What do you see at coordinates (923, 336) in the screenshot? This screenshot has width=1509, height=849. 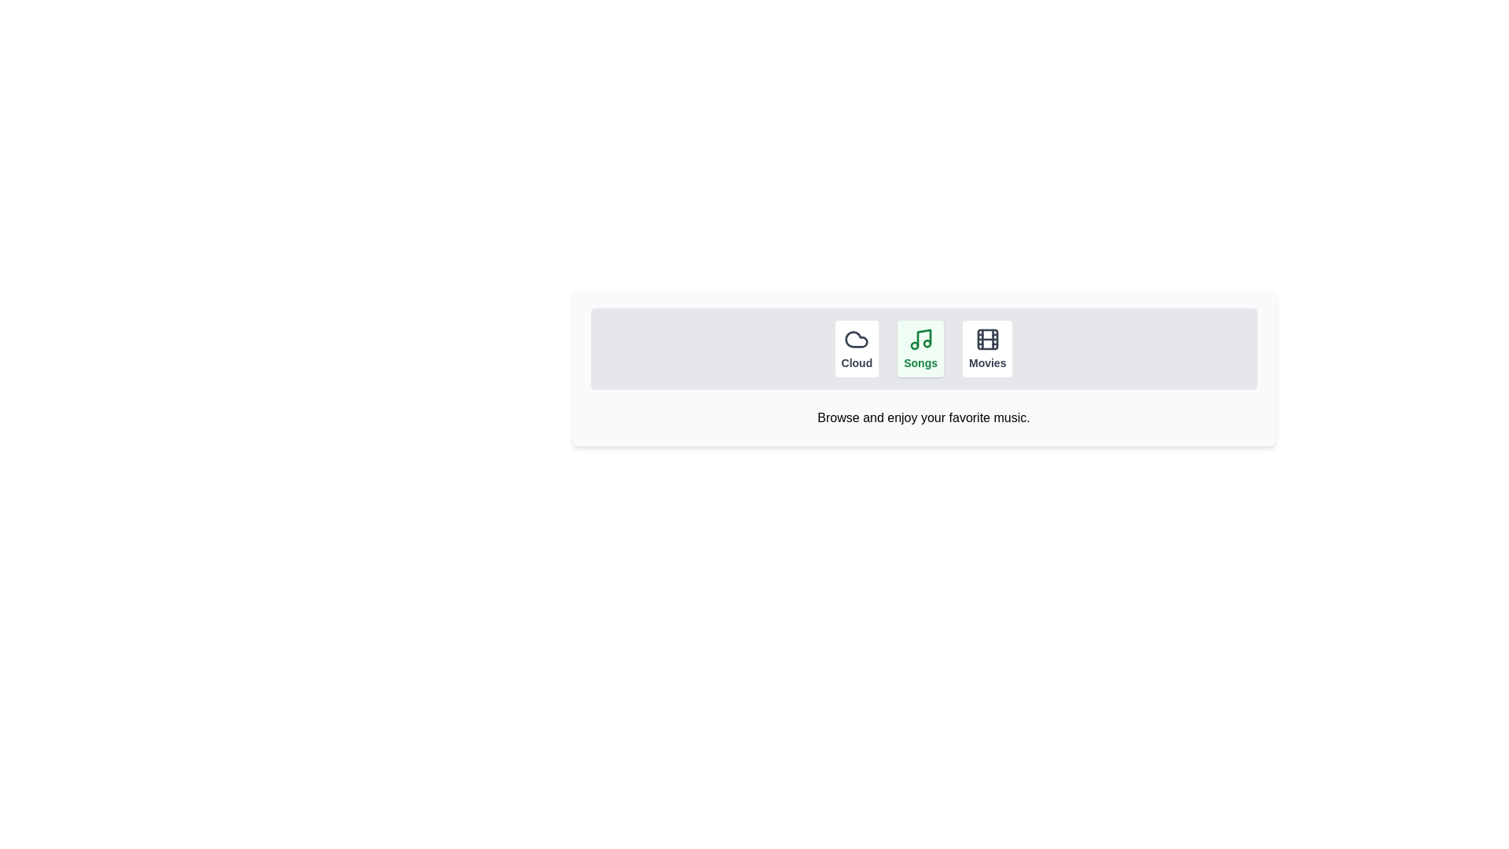 I see `the vertical line segment of the music note icon, which is part of the 'Songs' button among three options` at bounding box center [923, 336].